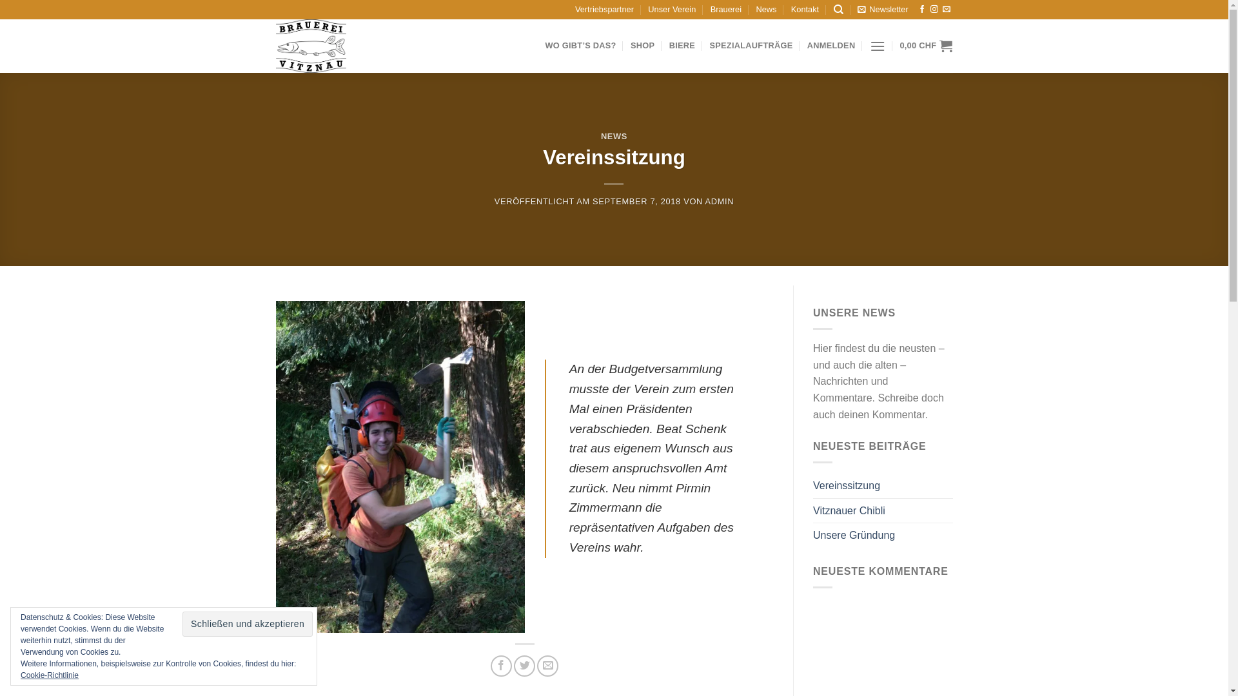 This screenshot has height=696, width=1238. Describe the element at coordinates (604, 10) in the screenshot. I see `'Vertriebspartner'` at that location.